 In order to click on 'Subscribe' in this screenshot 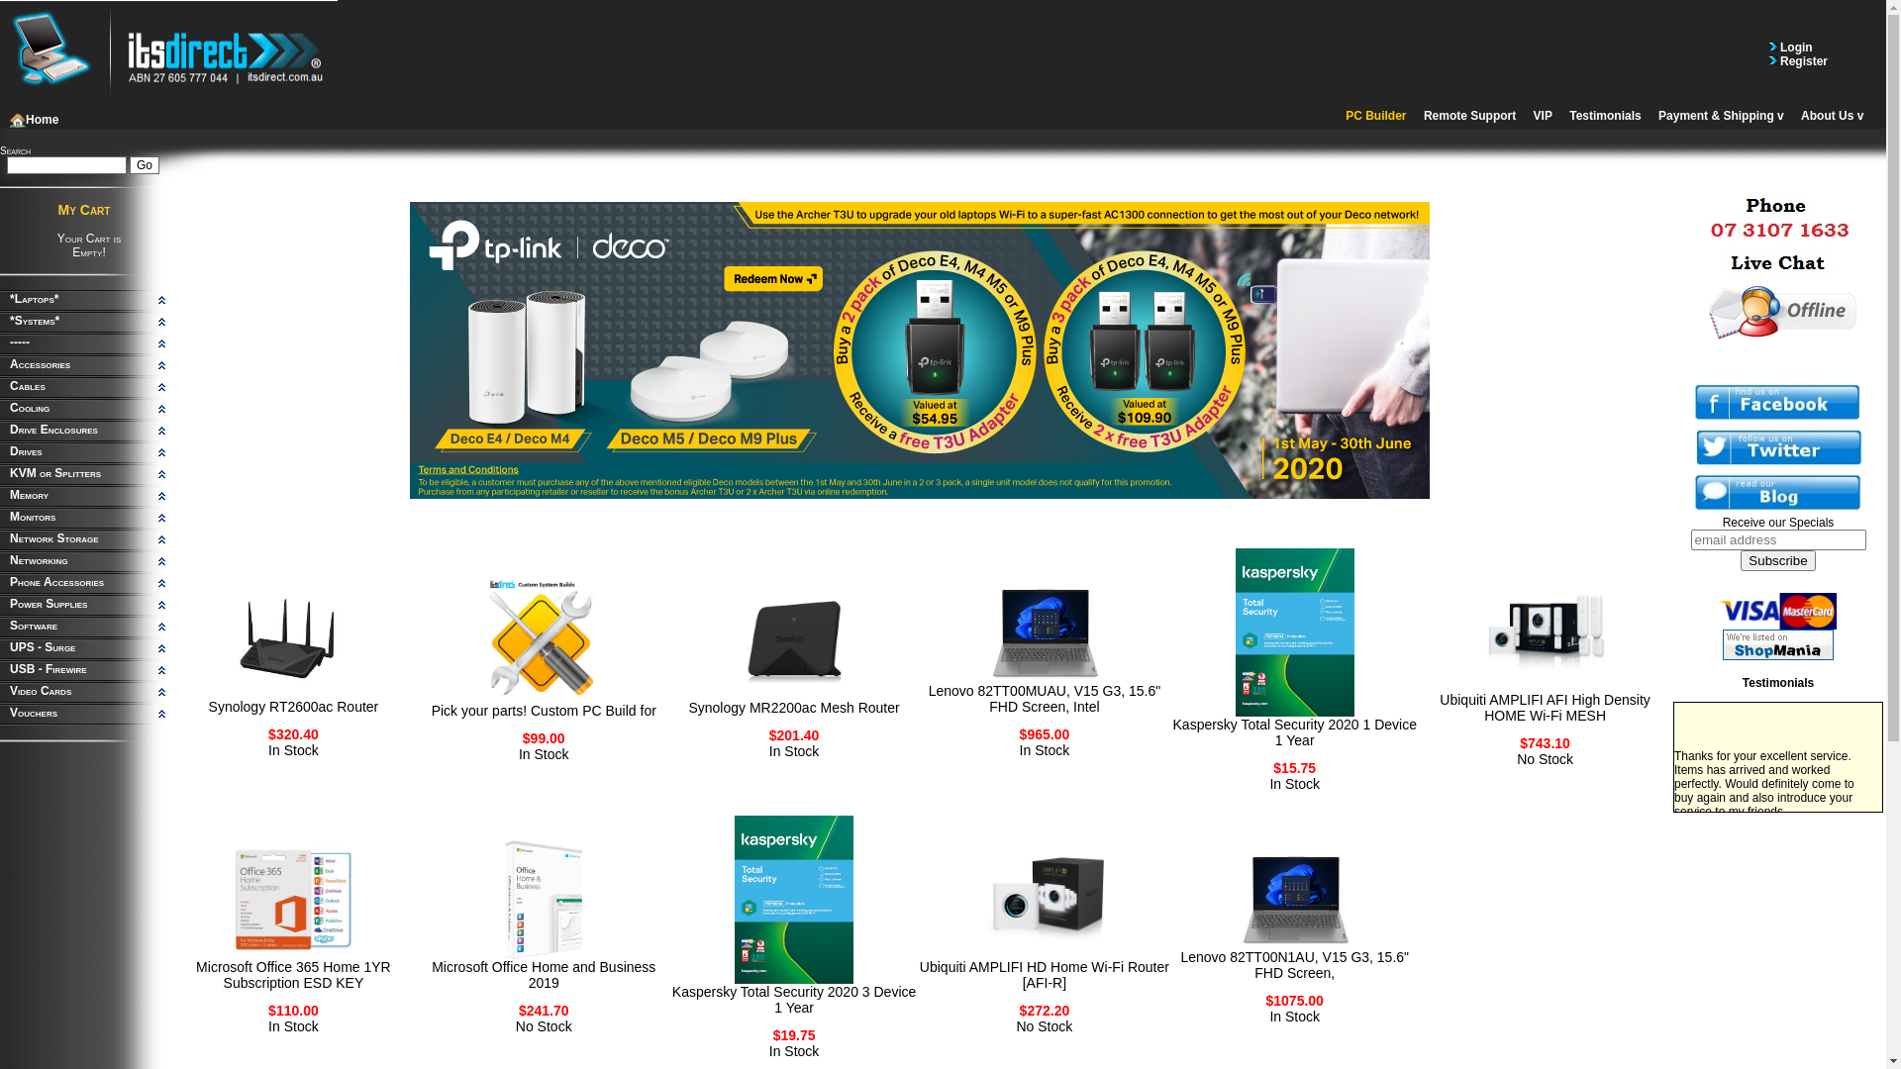, I will do `click(1777, 560)`.